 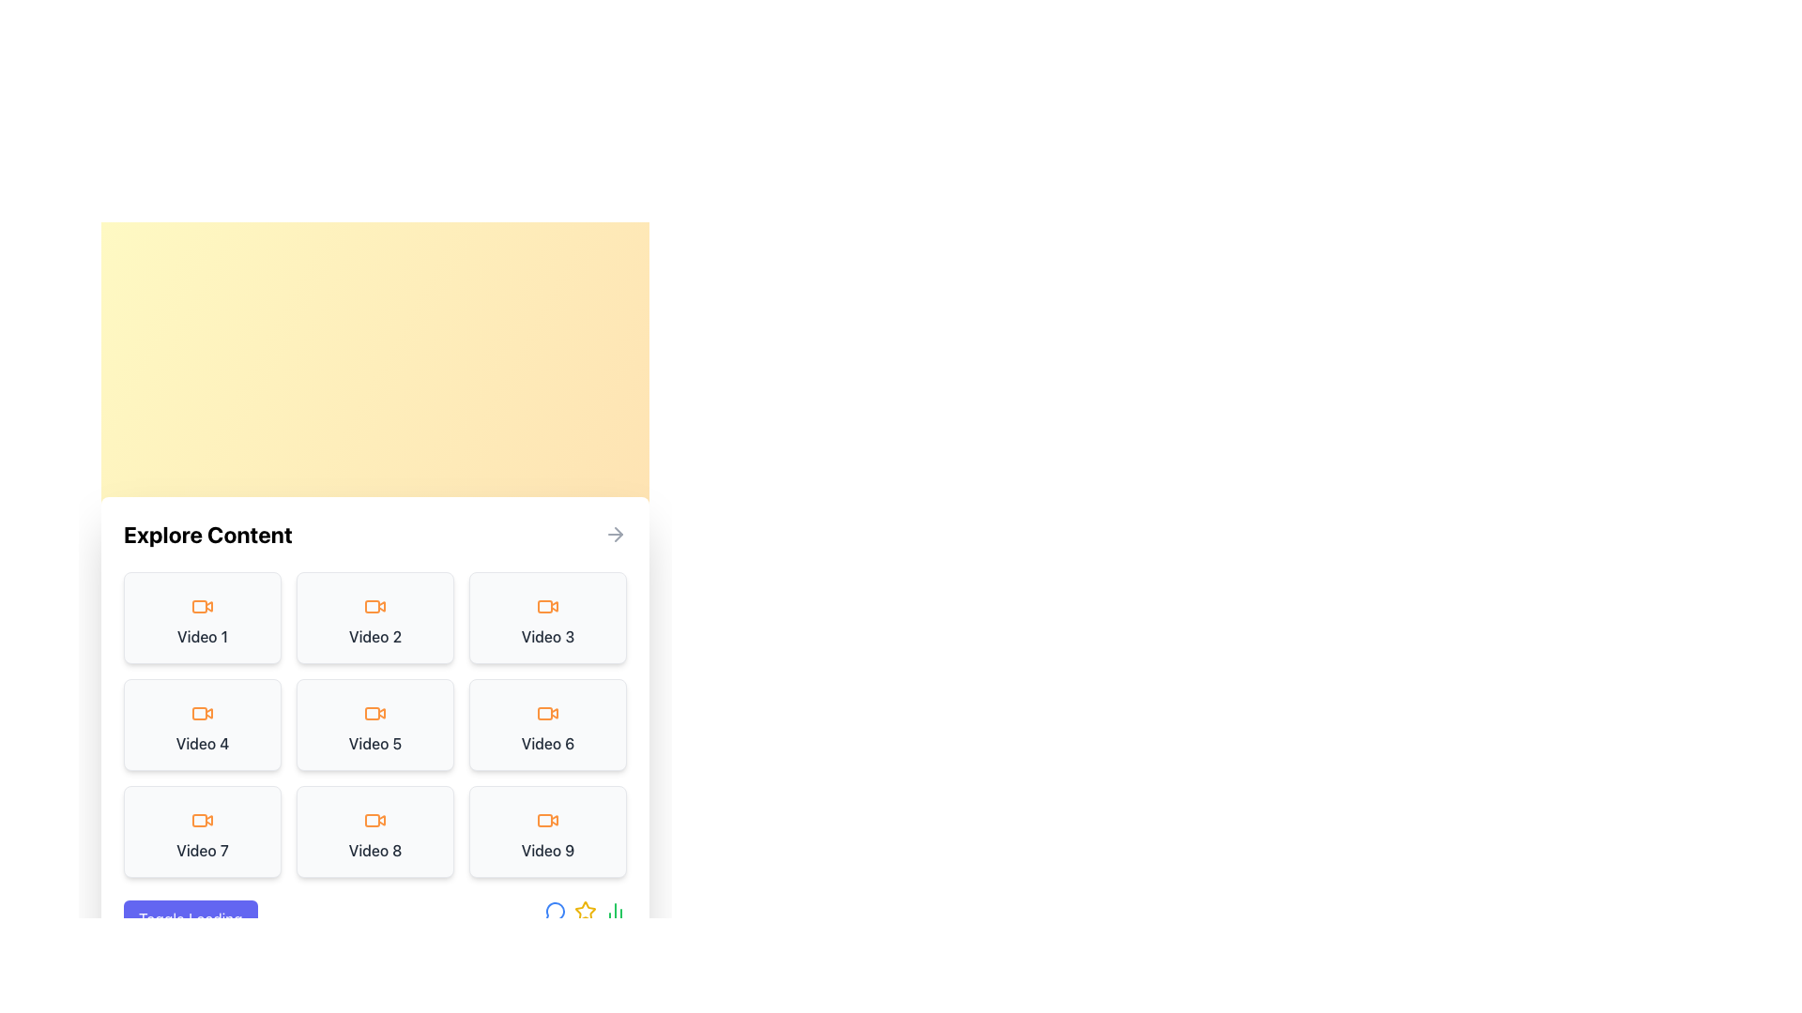 What do you see at coordinates (374, 618) in the screenshot?
I see `to select the card labeled 'Video 2', which is the second item in a grid layout, featuring a light gray background, rounded corners, and an orange video camera icon at the top` at bounding box center [374, 618].